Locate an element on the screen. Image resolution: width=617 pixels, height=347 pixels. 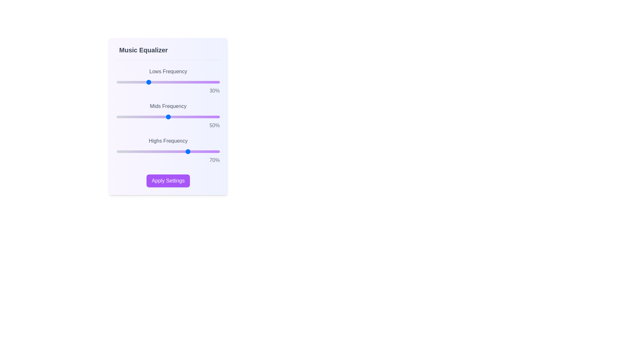
the 'Mids Frequency' slider to 10% is located at coordinates (127, 117).